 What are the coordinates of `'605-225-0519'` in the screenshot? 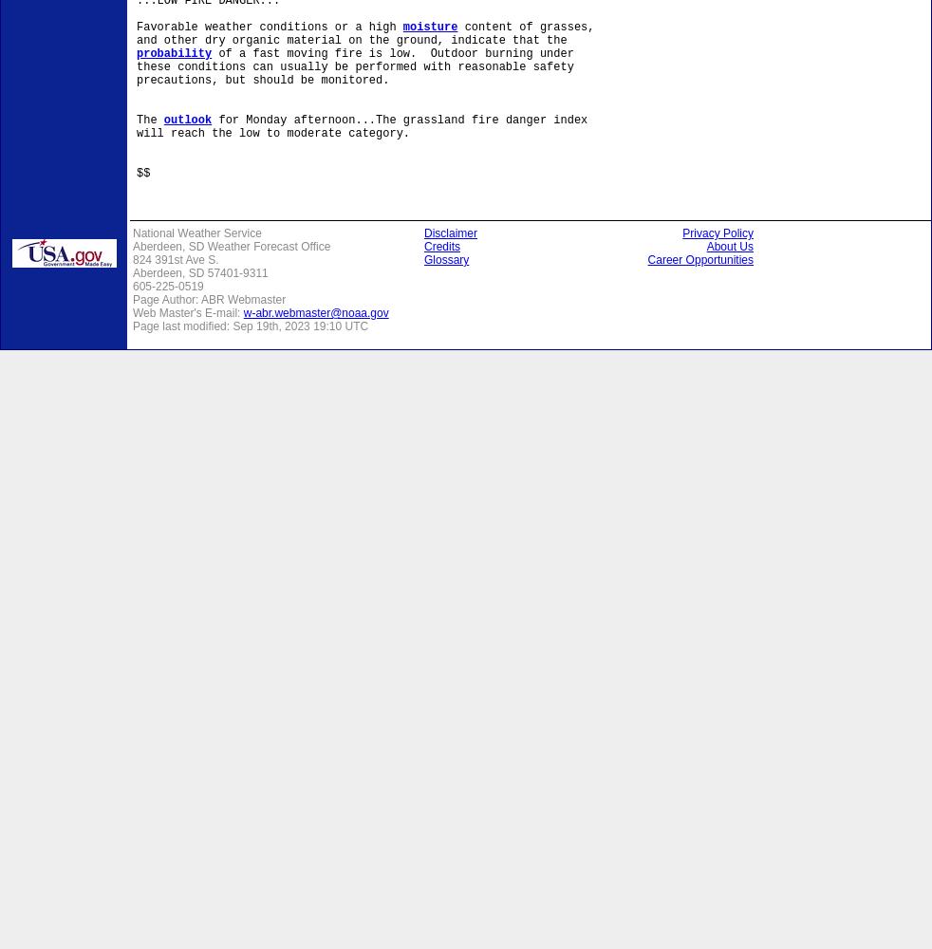 It's located at (166, 287).